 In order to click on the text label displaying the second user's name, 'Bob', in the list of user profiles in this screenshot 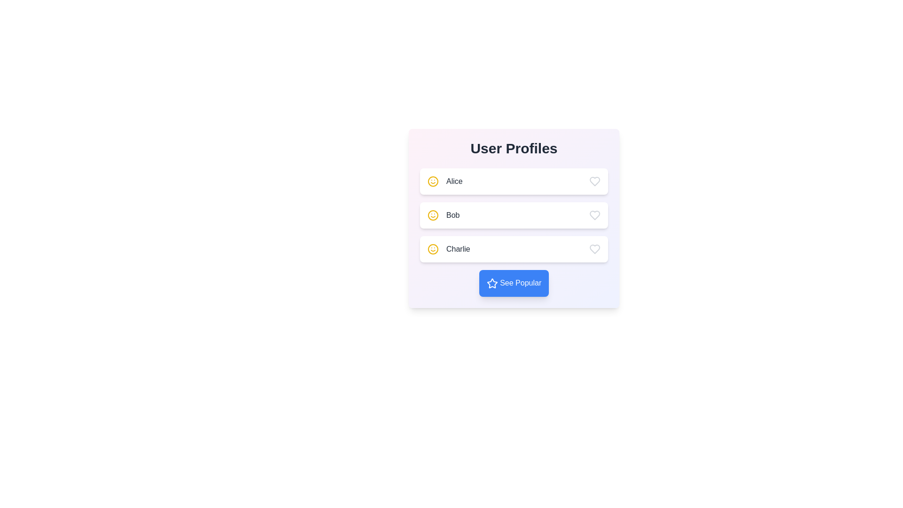, I will do `click(453, 215)`.